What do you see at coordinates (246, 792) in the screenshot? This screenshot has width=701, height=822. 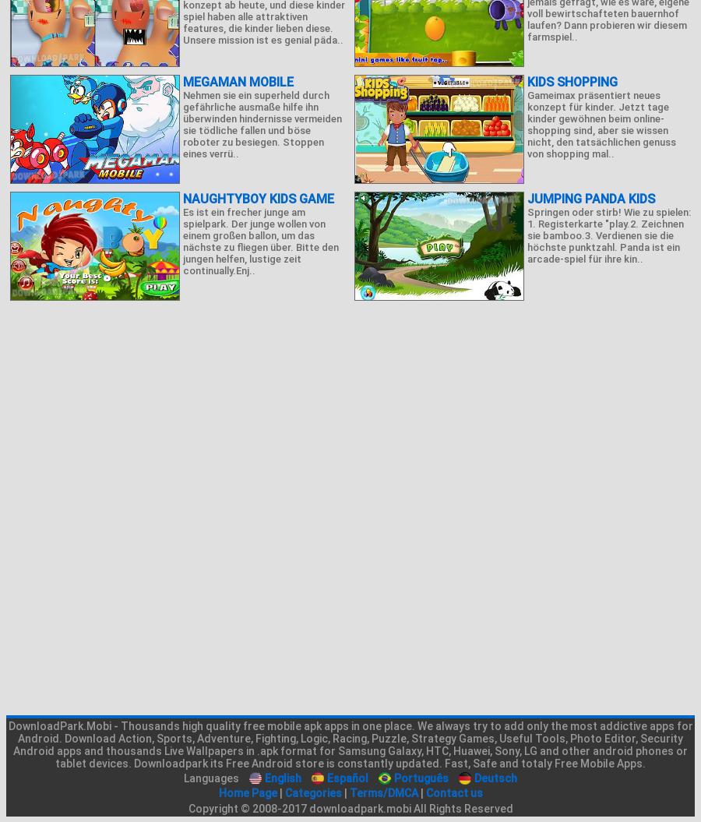 I see `'Home Page'` at bounding box center [246, 792].